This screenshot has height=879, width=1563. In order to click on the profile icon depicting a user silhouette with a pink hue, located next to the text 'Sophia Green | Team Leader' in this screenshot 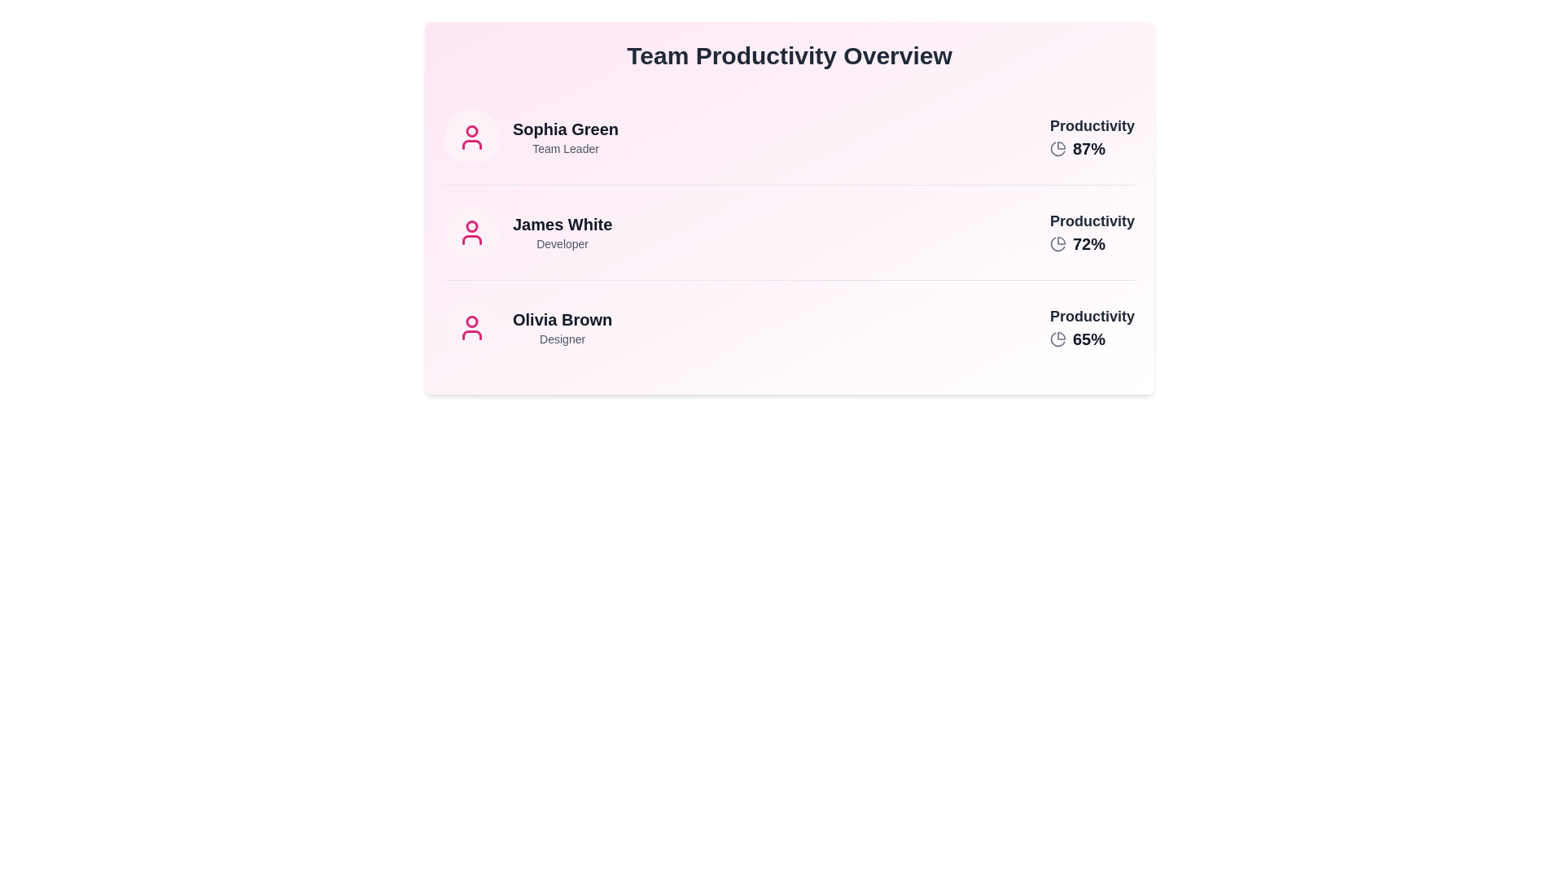, I will do `click(471, 137)`.